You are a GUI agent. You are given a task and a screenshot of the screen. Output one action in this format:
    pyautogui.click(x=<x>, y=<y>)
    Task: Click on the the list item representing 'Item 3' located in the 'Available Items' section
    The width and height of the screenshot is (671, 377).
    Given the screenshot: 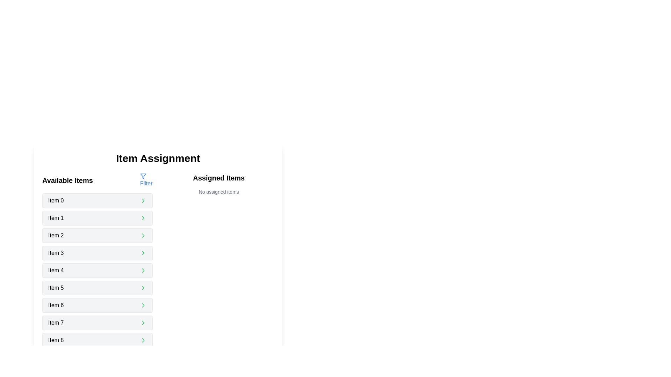 What is the action you would take?
    pyautogui.click(x=97, y=253)
    